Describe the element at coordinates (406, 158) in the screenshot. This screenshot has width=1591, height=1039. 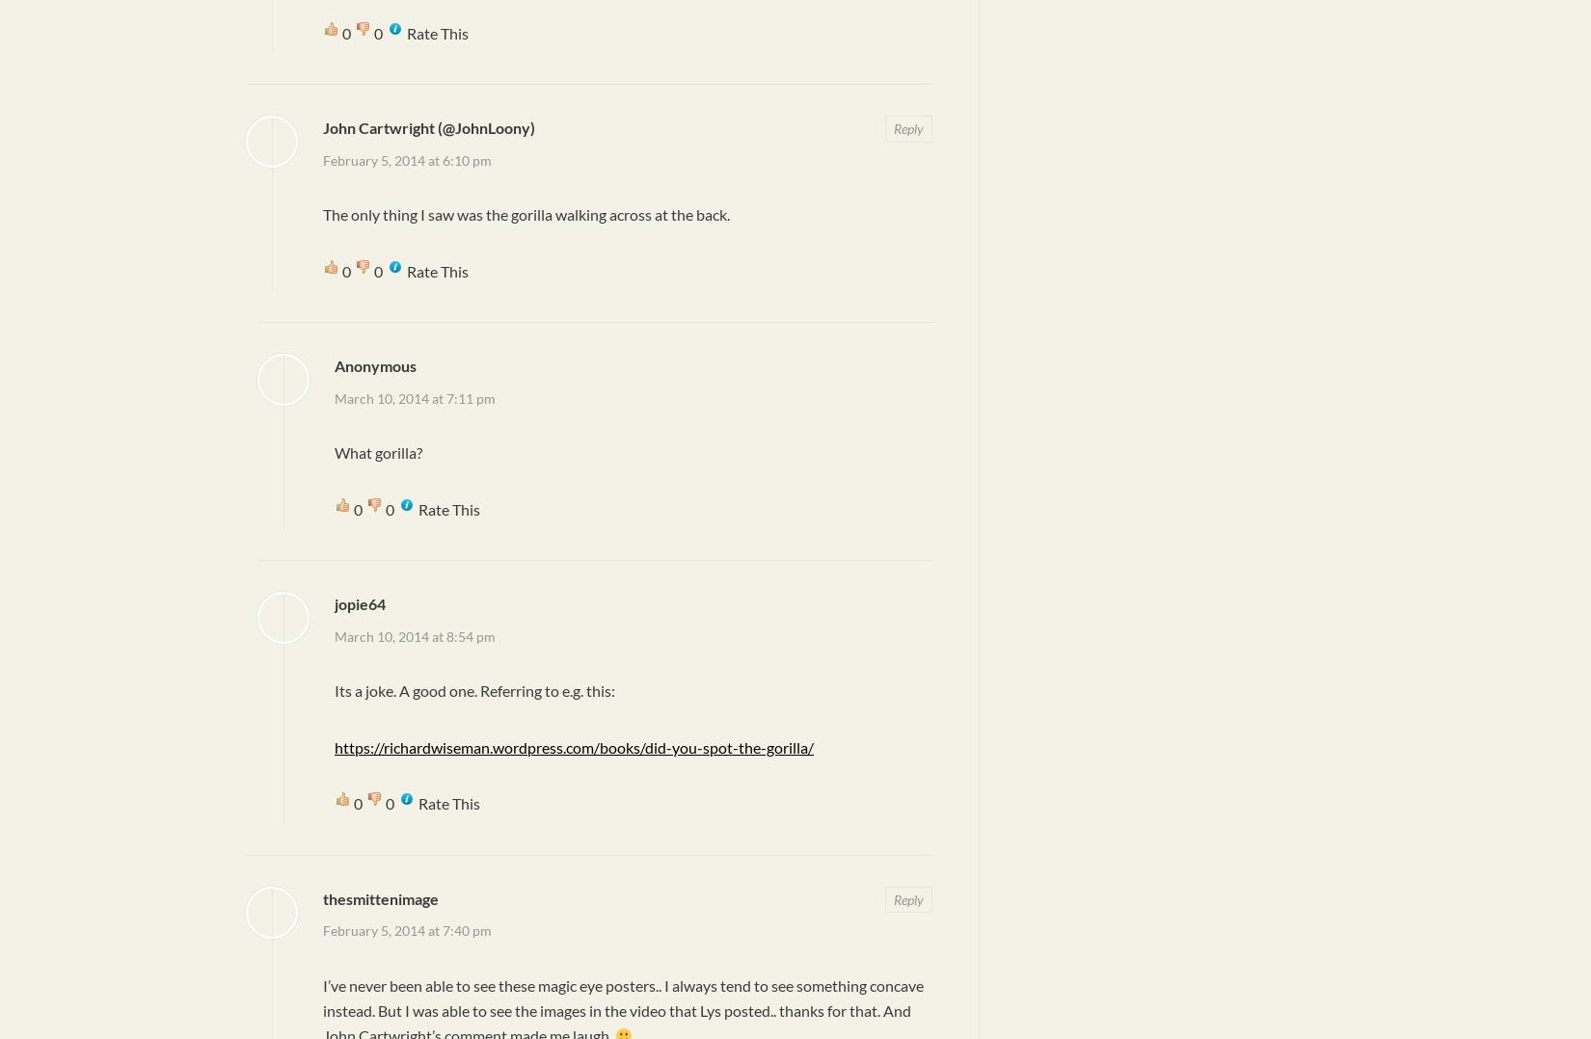
I see `'February 5, 2014 at 6:10 pm'` at that location.